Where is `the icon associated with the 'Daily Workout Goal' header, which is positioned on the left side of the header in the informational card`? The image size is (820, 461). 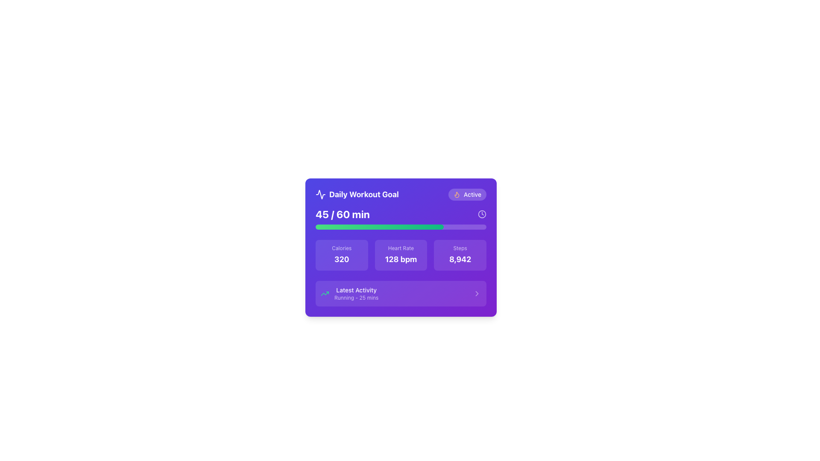
the icon associated with the 'Daily Workout Goal' header, which is positioned on the left side of the header in the informational card is located at coordinates (320, 194).